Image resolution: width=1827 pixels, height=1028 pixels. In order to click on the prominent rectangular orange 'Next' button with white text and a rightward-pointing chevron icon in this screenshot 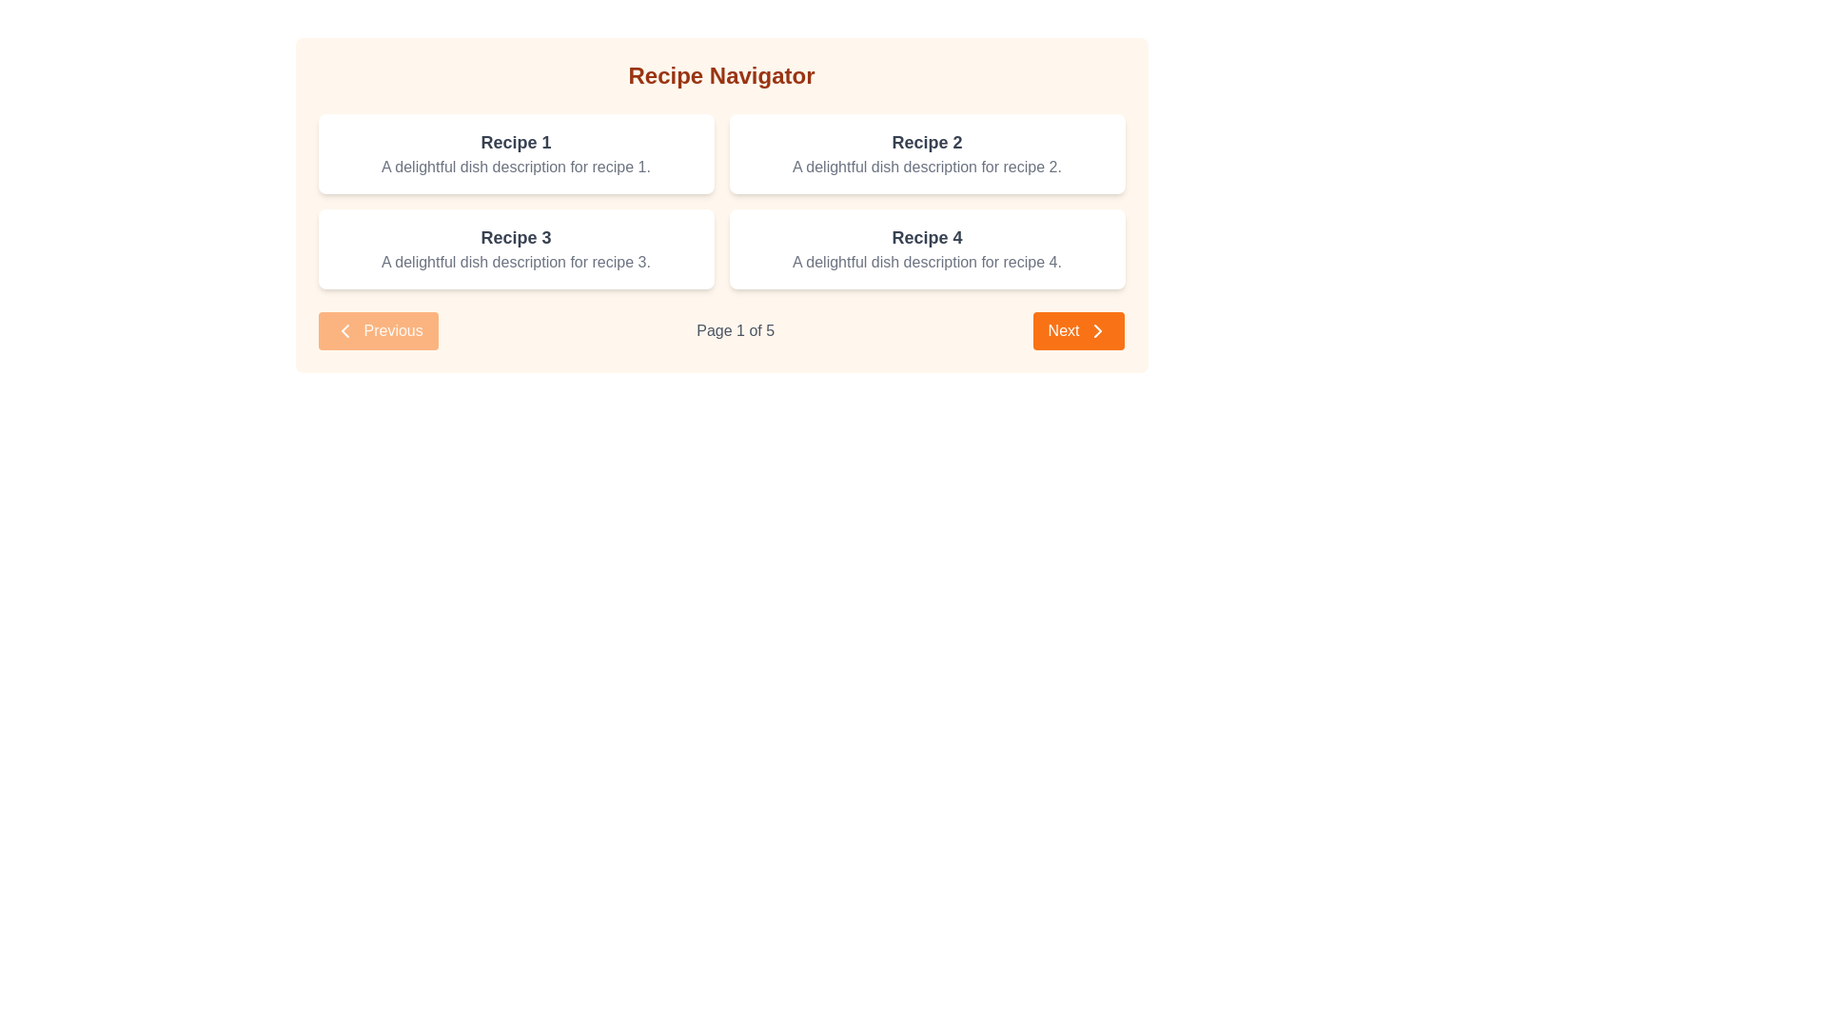, I will do `click(1078, 329)`.